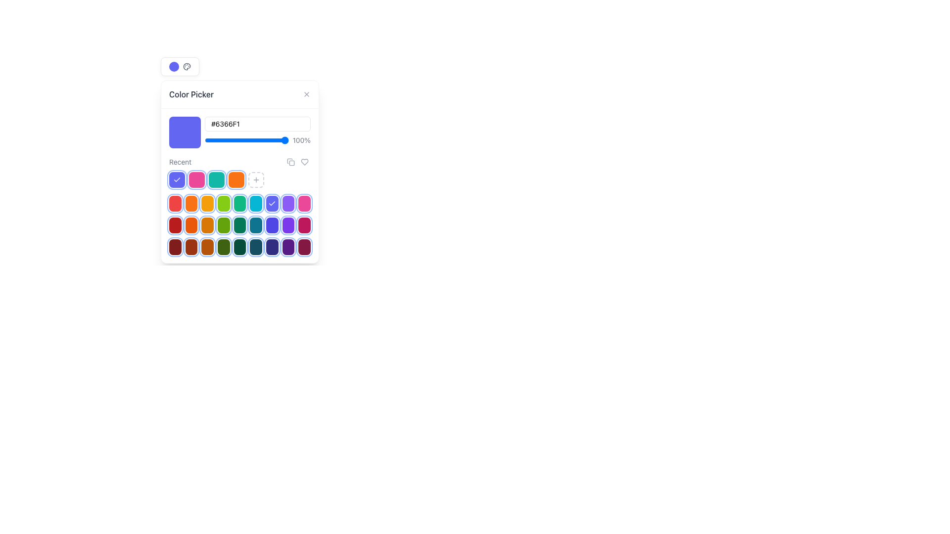 The height and width of the screenshot is (534, 950). Describe the element at coordinates (175, 247) in the screenshot. I see `the small square button with rounded corners and a dark red background located in the first row and first column of the grid in the color picker interface` at that location.